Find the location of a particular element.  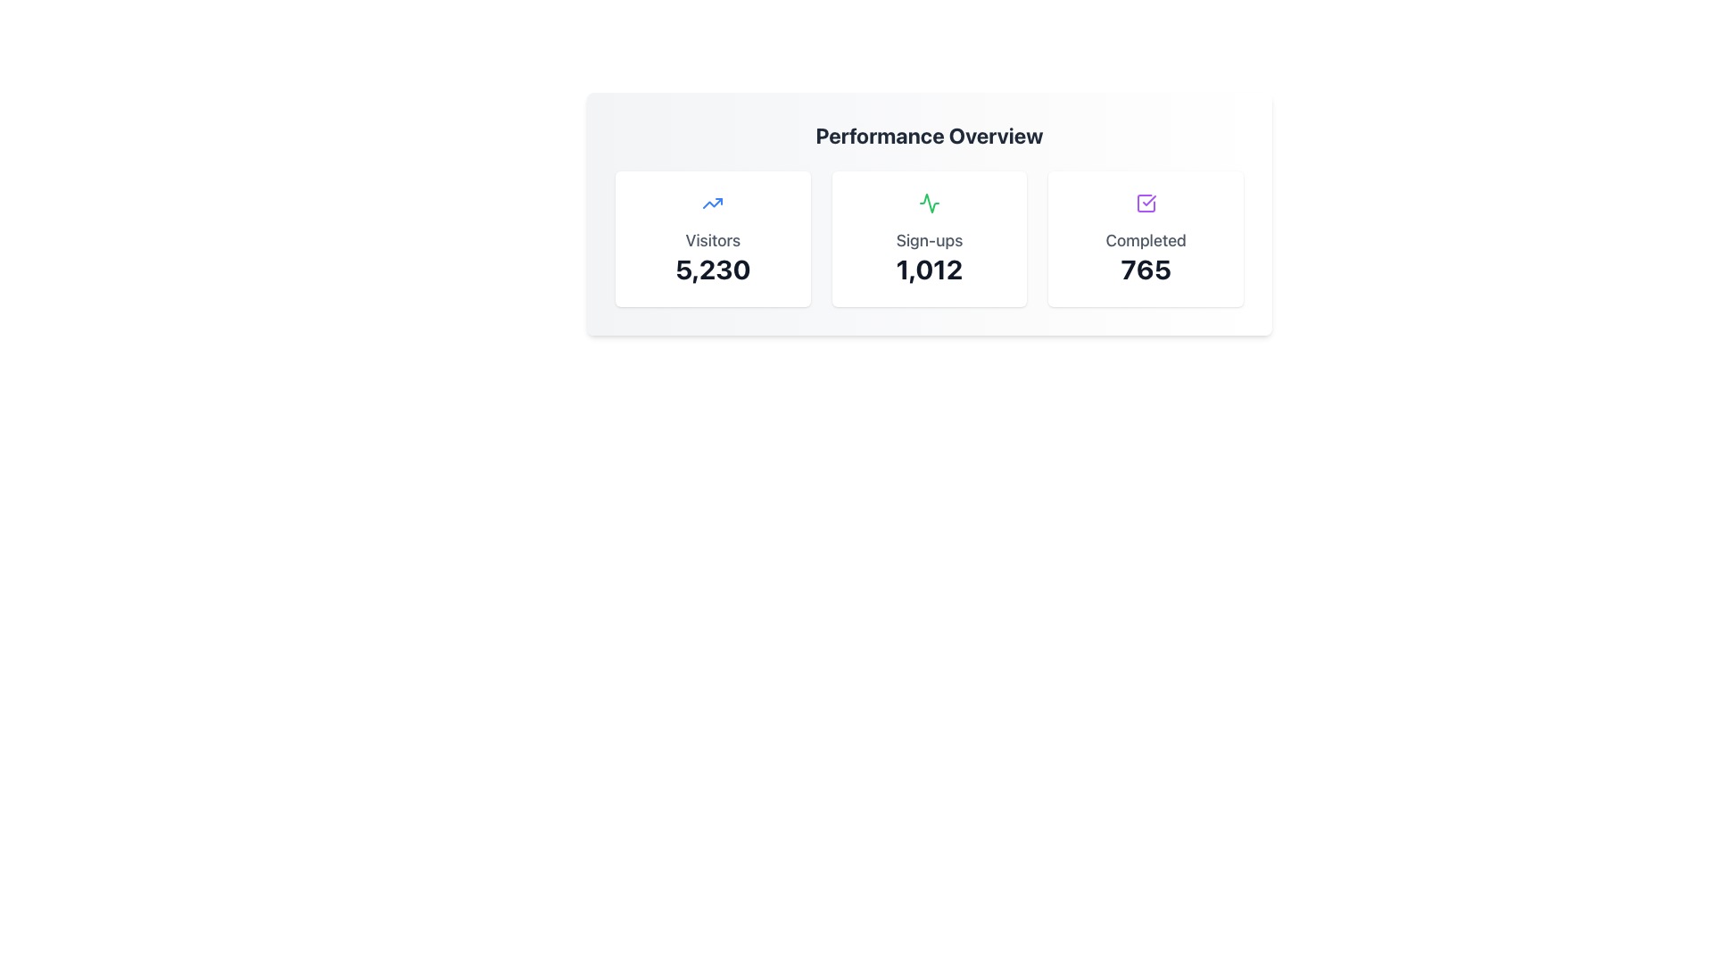

the text label that indicates the type of information as 'Completed', located above the number '765' in the upper section of the third box in a three-box grid layout is located at coordinates (1146, 241).